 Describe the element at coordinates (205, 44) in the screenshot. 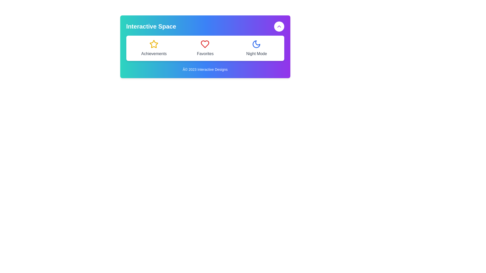

I see `the heart icon in the 'Favorites' section, which is visually represented by a red heart shape with rounded edges, located centrally in the second column above the text 'Favorites'` at that location.